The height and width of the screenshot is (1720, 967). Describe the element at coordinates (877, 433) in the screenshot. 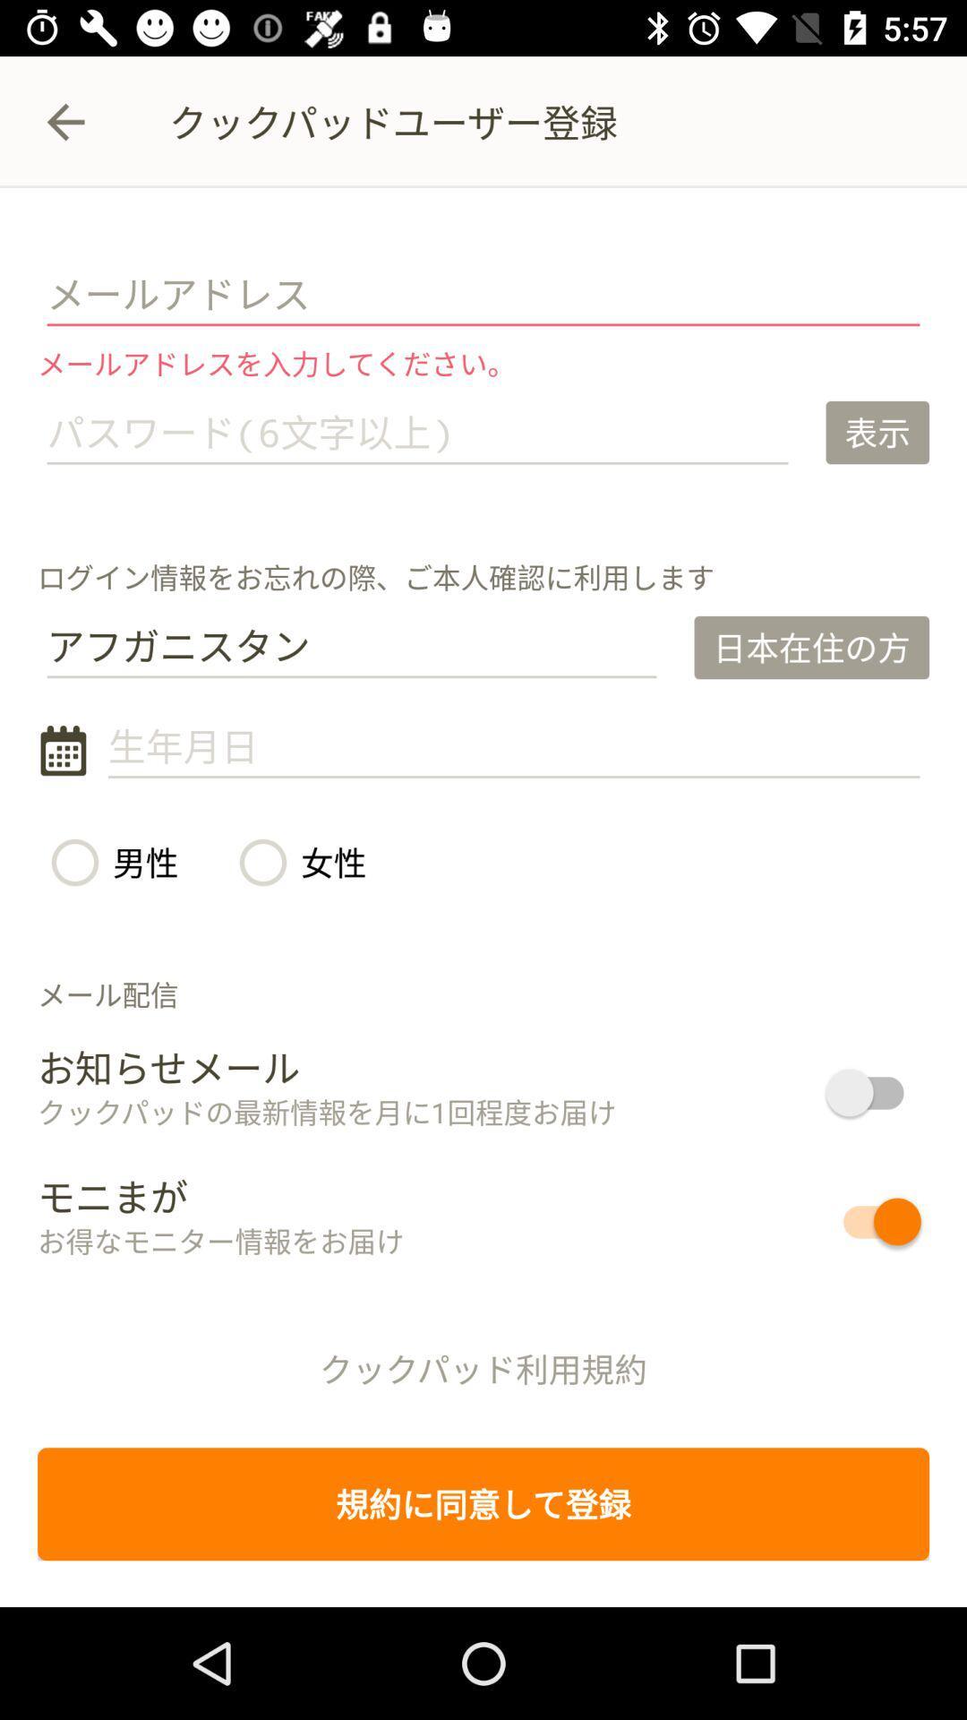

I see `the icon at the top right corner` at that location.